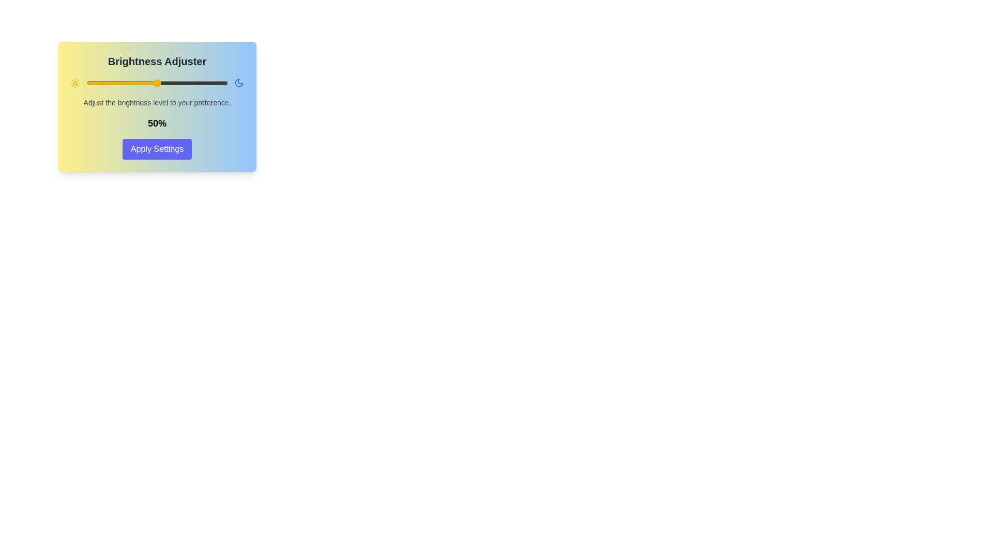 This screenshot has width=993, height=558. Describe the element at coordinates (106, 83) in the screenshot. I see `the brightness slider to 14%` at that location.